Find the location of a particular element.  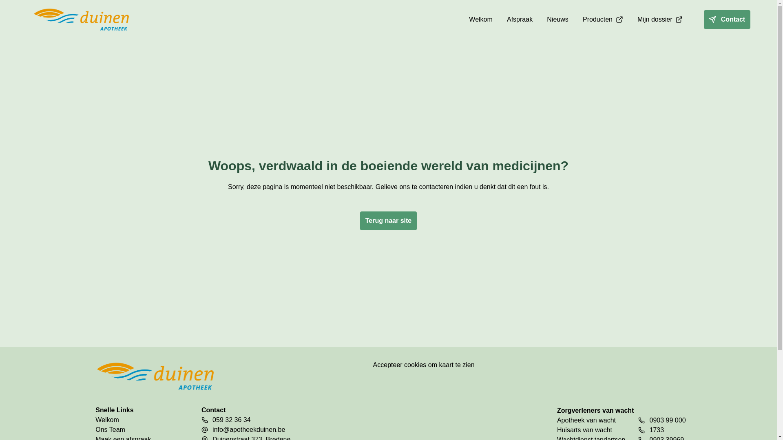

'Terug naar site' is located at coordinates (388, 213).